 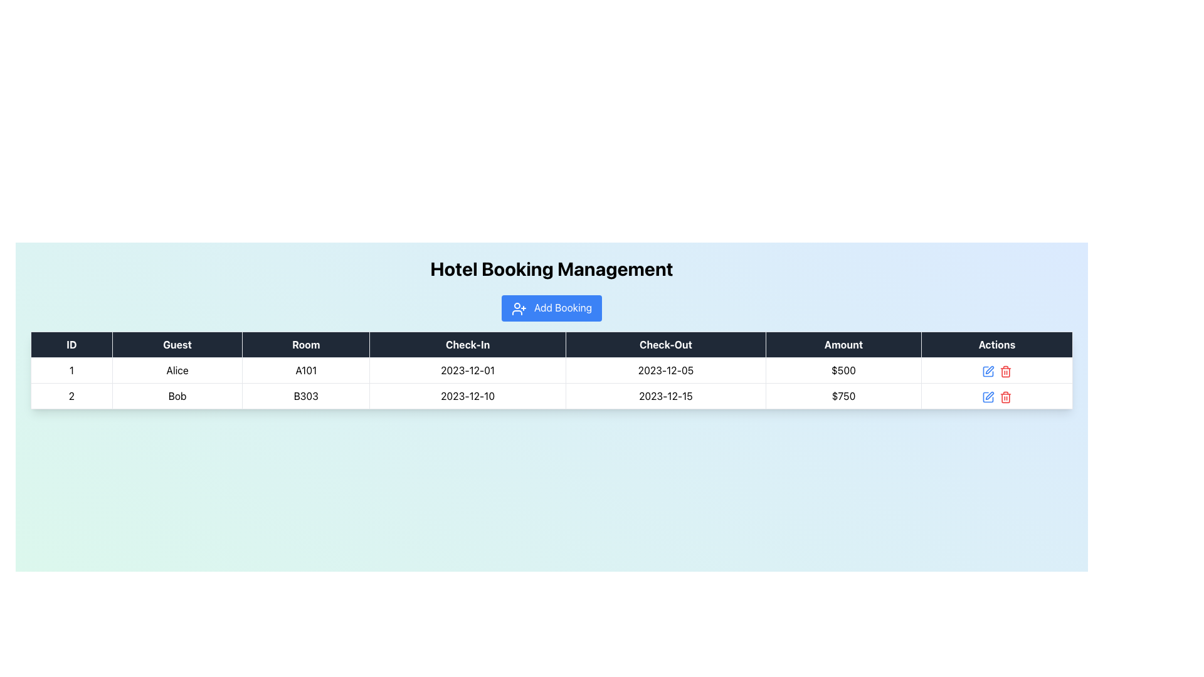 What do you see at coordinates (843, 344) in the screenshot?
I see `the header label for the 'Amount' column in the booking management table, which is the sixth column from the left, located between 'Check-Out' and 'Actions'` at bounding box center [843, 344].